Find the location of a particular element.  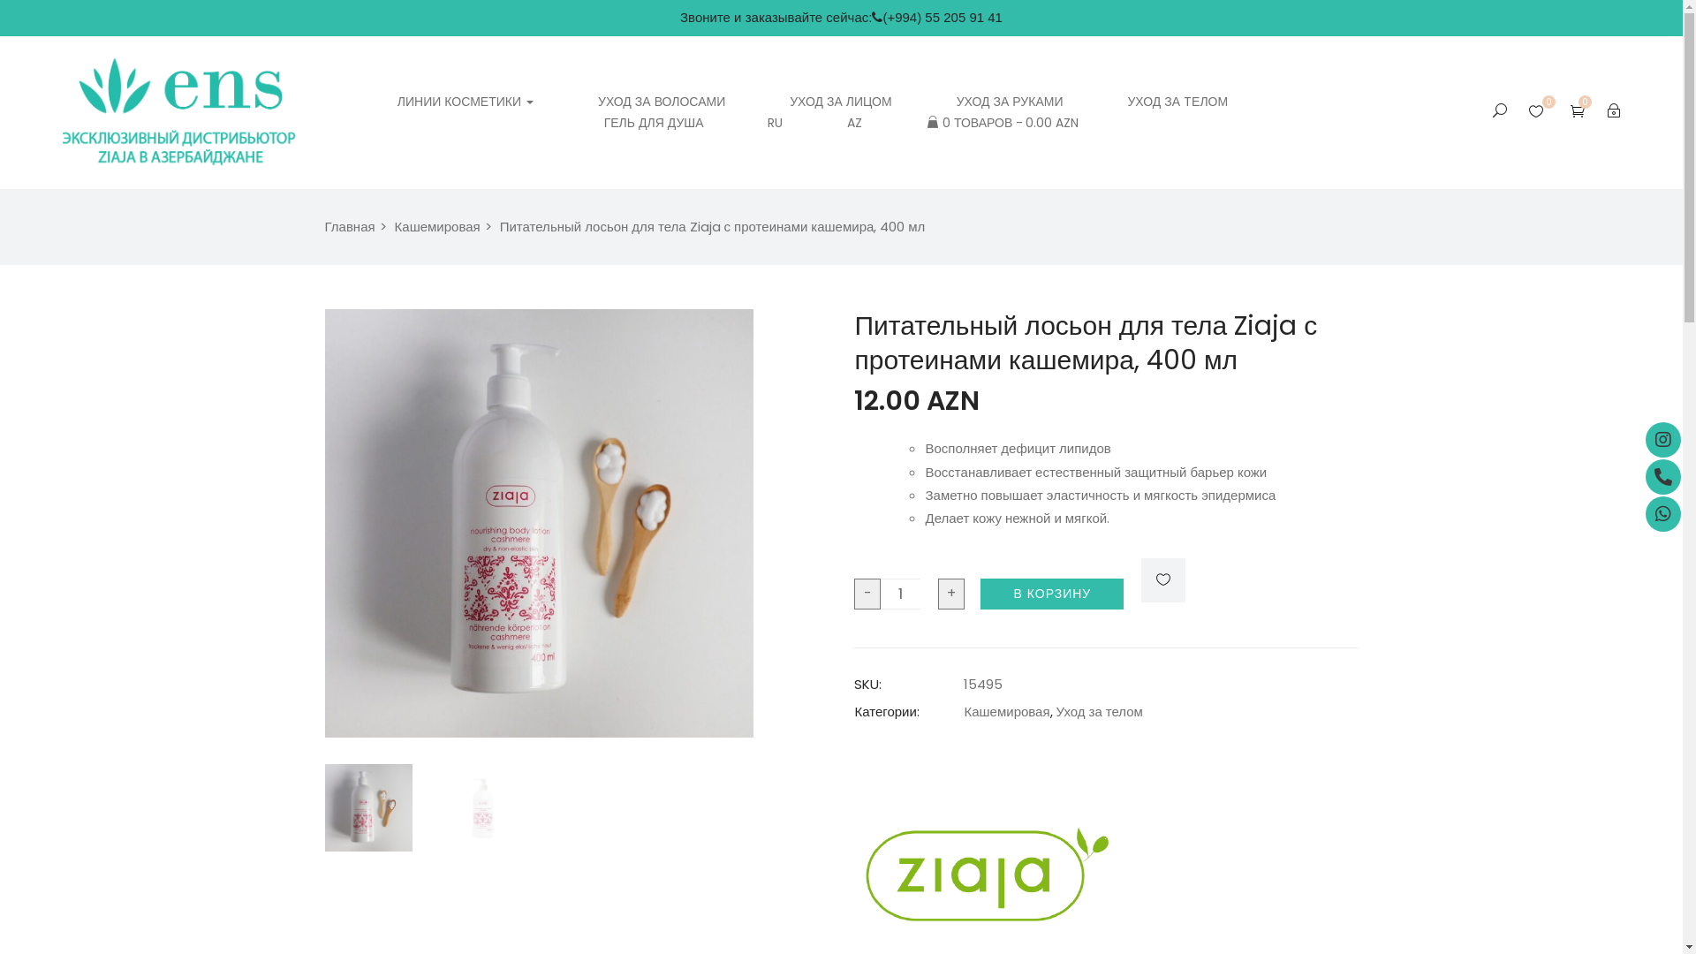

'+' is located at coordinates (950, 594).